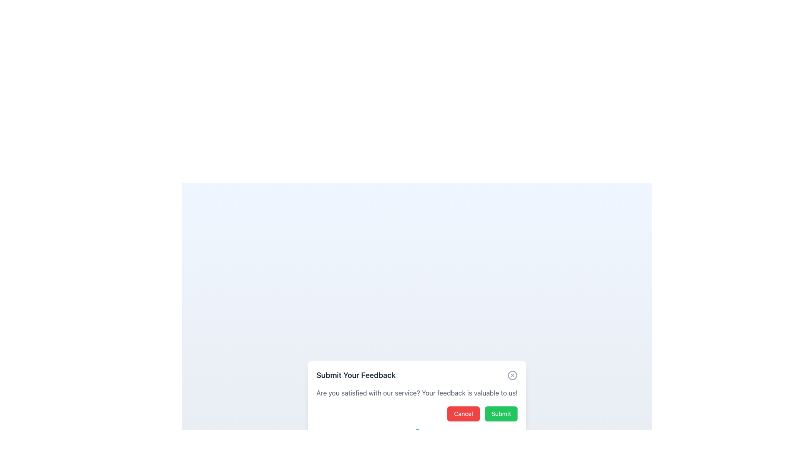 This screenshot has height=452, width=804. What do you see at coordinates (356, 375) in the screenshot?
I see `the text label that states 'Submit Your Feedback', which is in bold dark gray font and positioned at the top-left of the feedback dialog box` at bounding box center [356, 375].